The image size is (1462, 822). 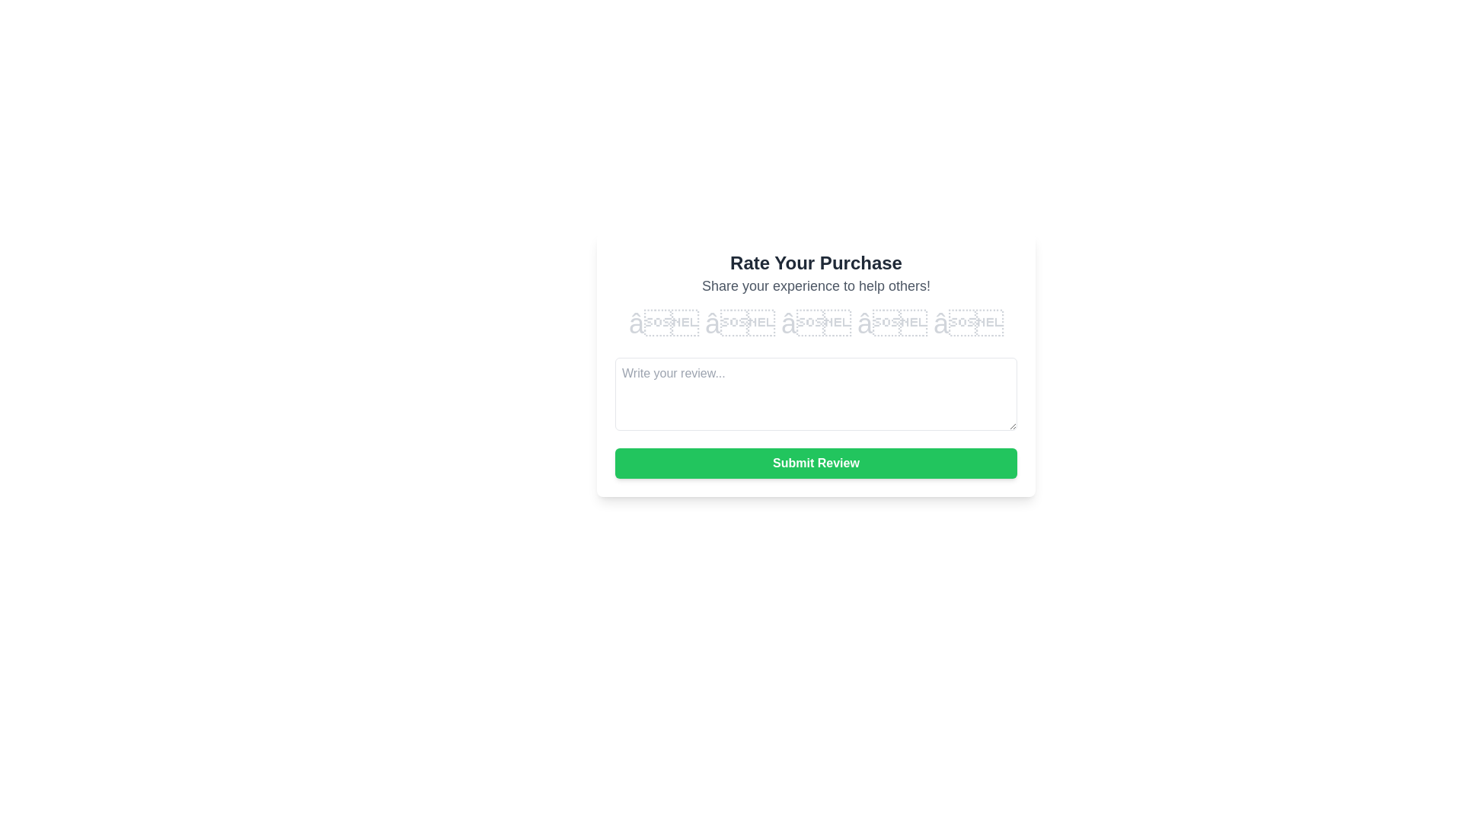 I want to click on the 'Submit Review' button to observe its hover effect, so click(x=815, y=463).